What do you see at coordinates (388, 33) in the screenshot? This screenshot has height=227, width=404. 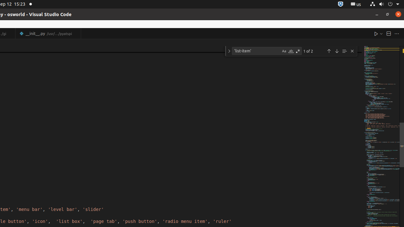 I see `'Split Editor Right (Ctrl+\) [Alt] Split Editor Down'` at bounding box center [388, 33].